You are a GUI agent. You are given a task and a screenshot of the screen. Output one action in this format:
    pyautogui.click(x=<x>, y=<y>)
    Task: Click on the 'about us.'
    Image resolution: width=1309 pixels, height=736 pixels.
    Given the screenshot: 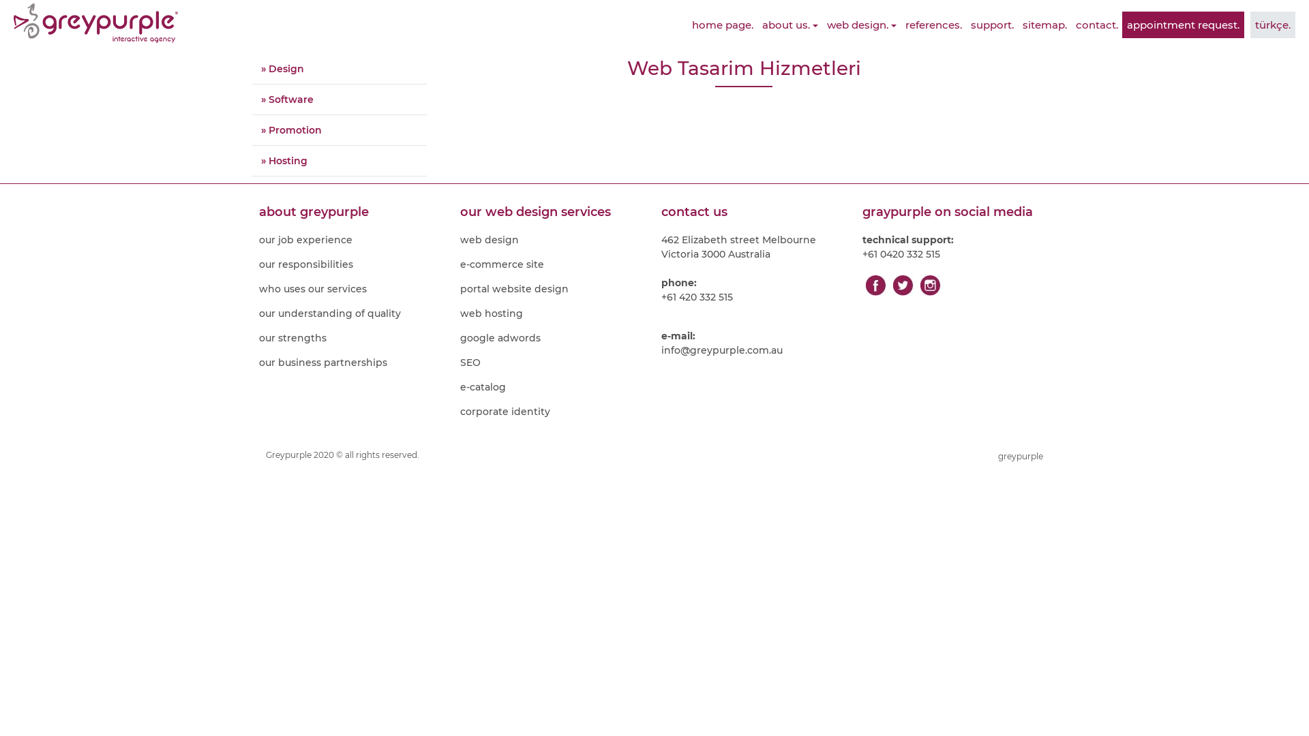 What is the action you would take?
    pyautogui.click(x=789, y=25)
    